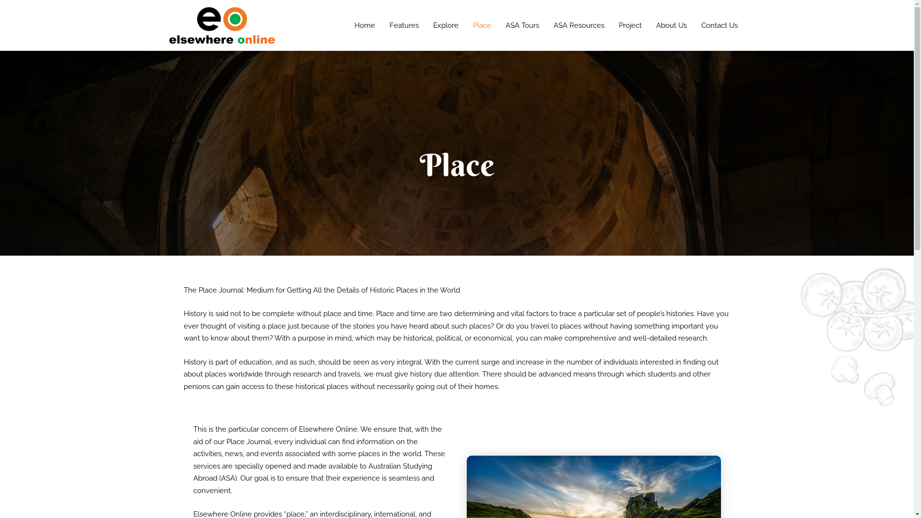 This screenshot has height=518, width=921. I want to click on 'Explore', so click(445, 25).